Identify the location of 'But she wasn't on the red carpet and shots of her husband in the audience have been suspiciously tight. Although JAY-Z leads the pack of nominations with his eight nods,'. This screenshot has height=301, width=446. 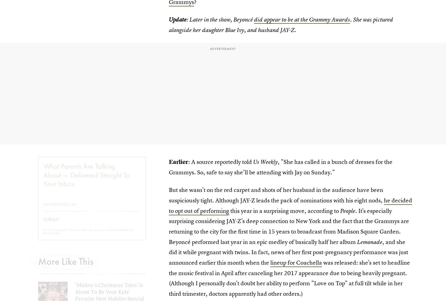
(276, 194).